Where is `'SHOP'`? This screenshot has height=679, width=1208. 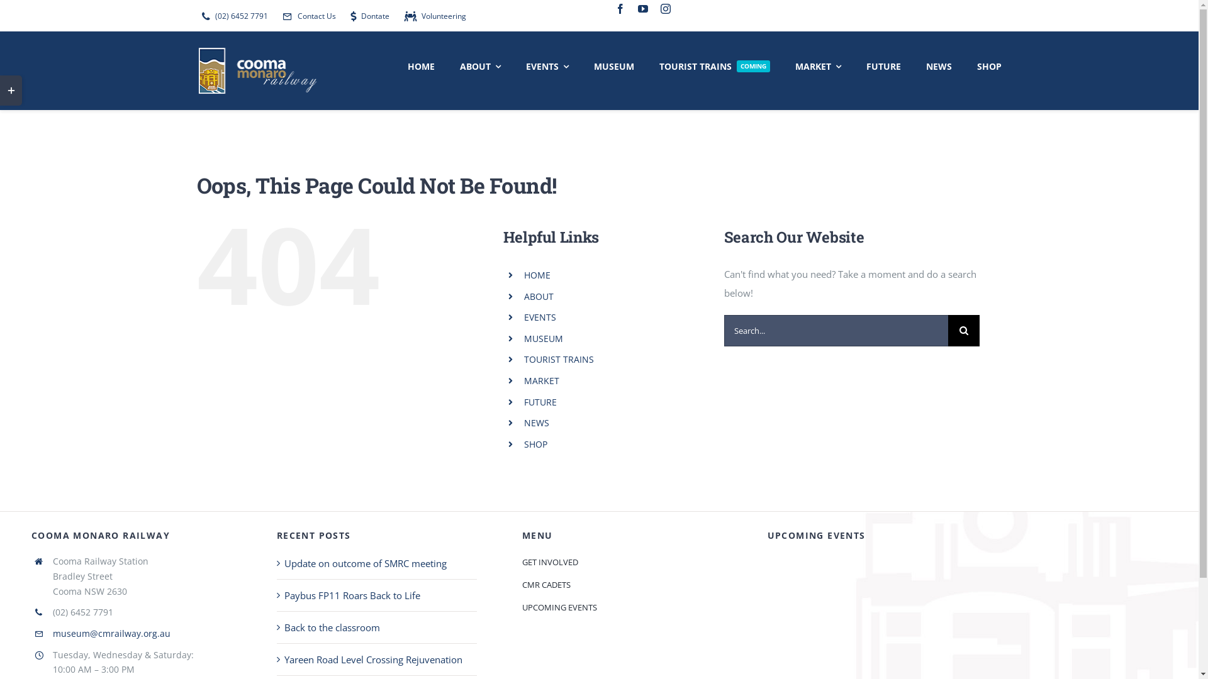 'SHOP' is located at coordinates (535, 443).